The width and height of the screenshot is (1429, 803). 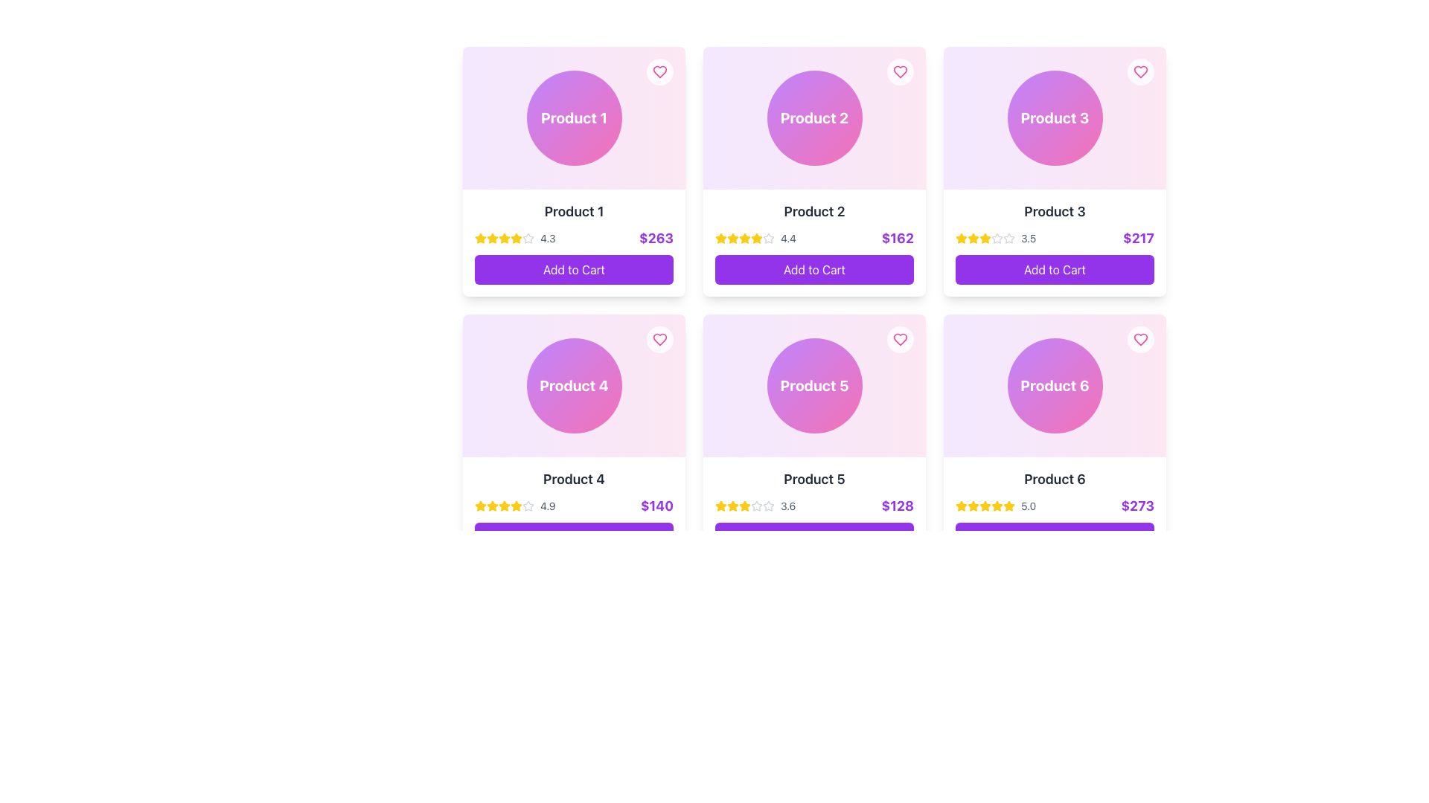 What do you see at coordinates (899, 339) in the screenshot?
I see `the heart-shaped favorite icon with a pink border located in the upper-right corner of the 'Product 5' card to mark or unmark the item as a favorite` at bounding box center [899, 339].